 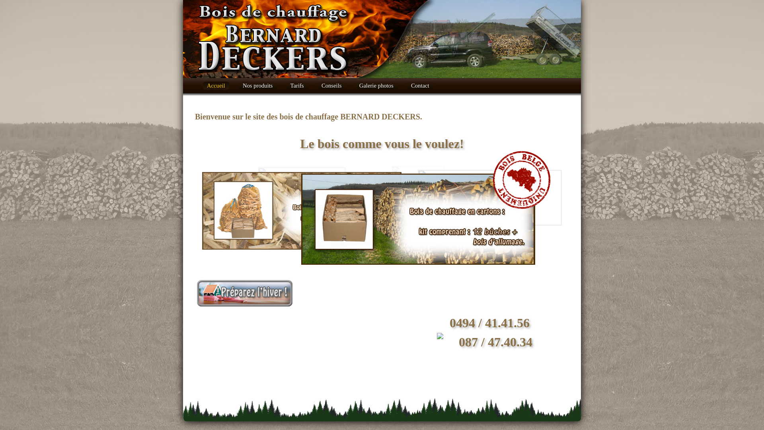 What do you see at coordinates (331, 86) in the screenshot?
I see `'Conseils'` at bounding box center [331, 86].